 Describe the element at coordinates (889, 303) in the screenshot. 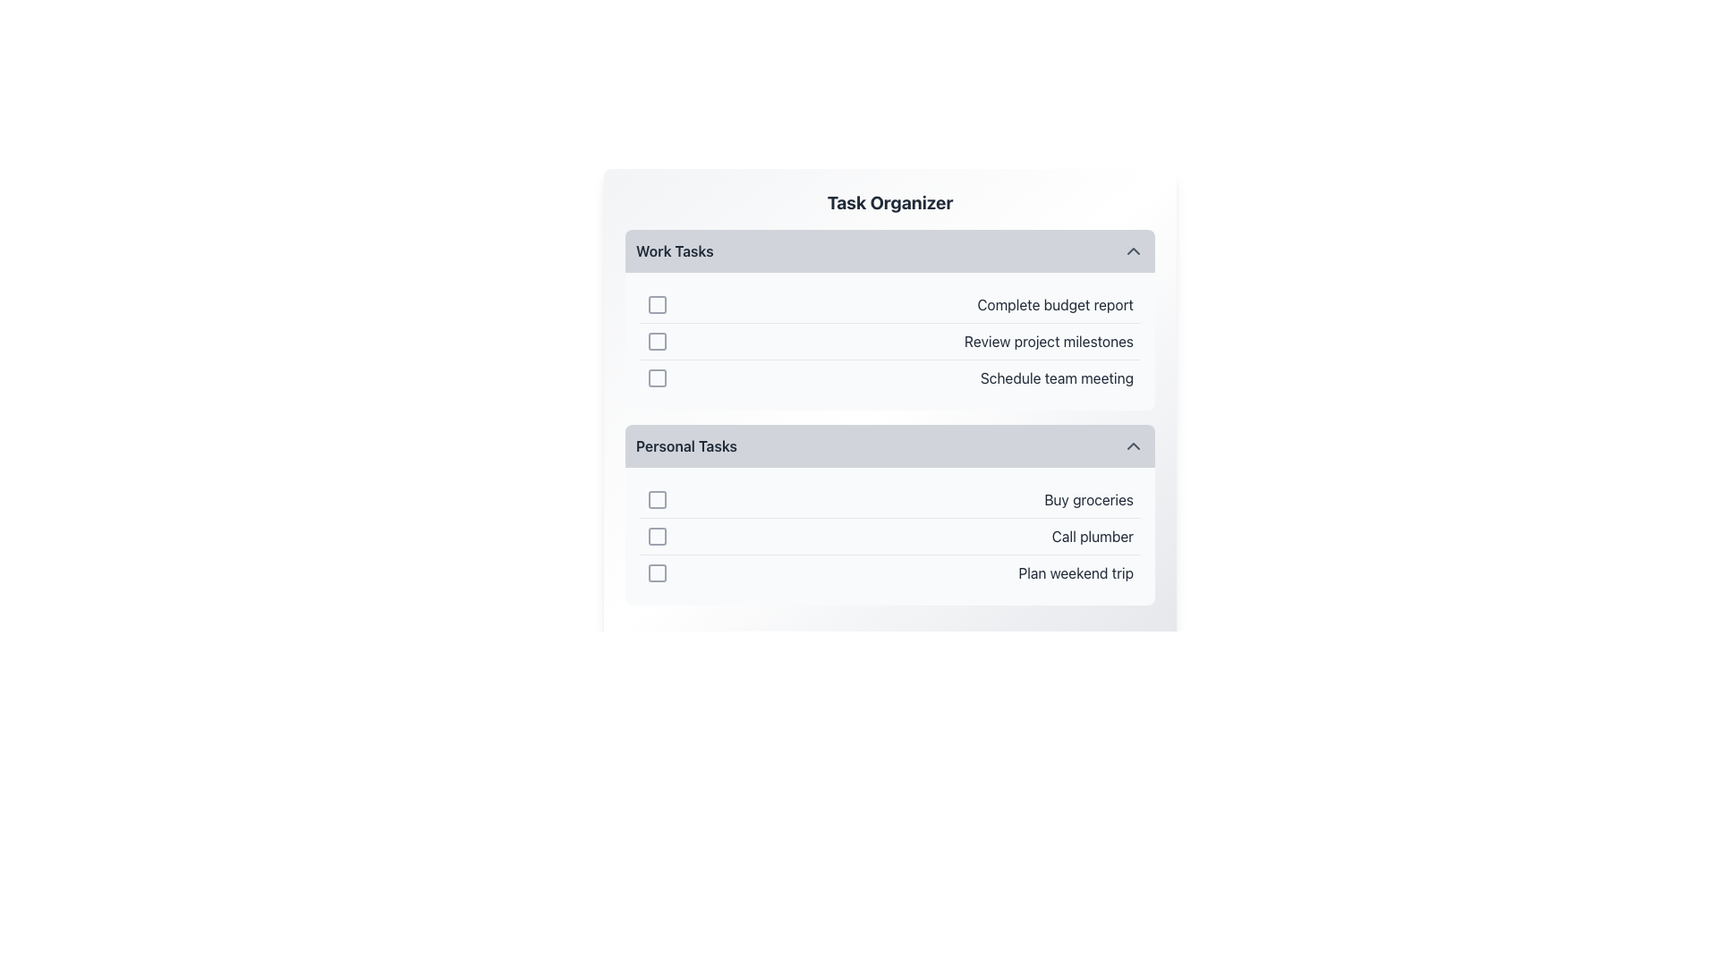

I see `the first task item in the 'Work Tasks' section of the 'Task Organizer'` at that location.